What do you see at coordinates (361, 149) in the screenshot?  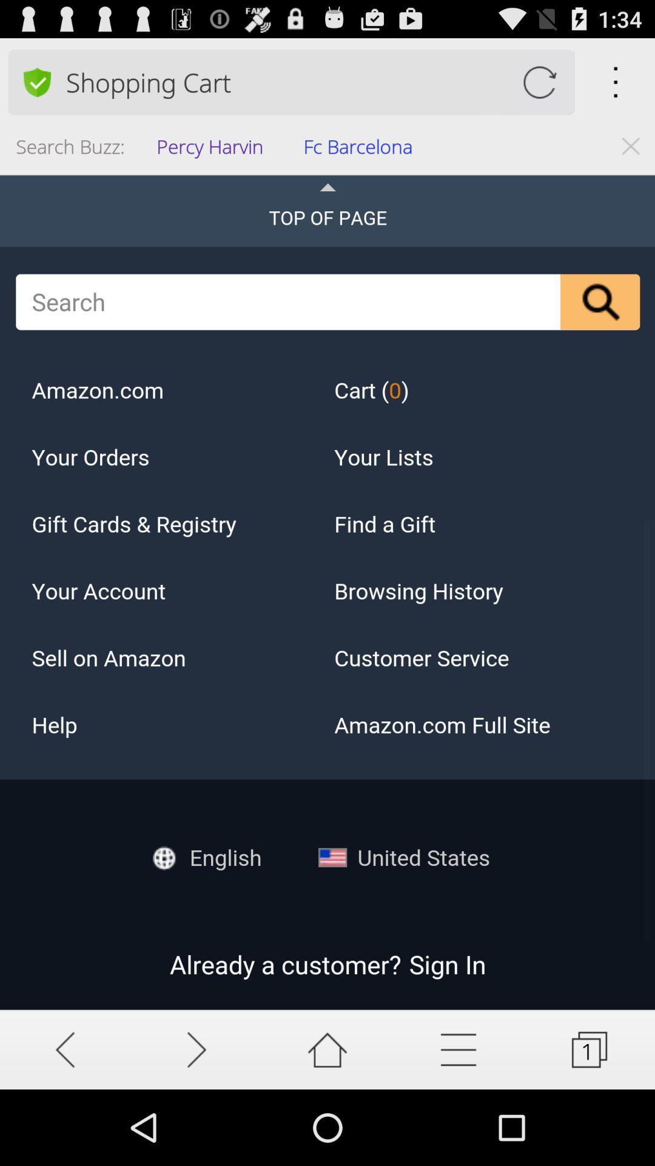 I see `app next to the percy harvin icon` at bounding box center [361, 149].